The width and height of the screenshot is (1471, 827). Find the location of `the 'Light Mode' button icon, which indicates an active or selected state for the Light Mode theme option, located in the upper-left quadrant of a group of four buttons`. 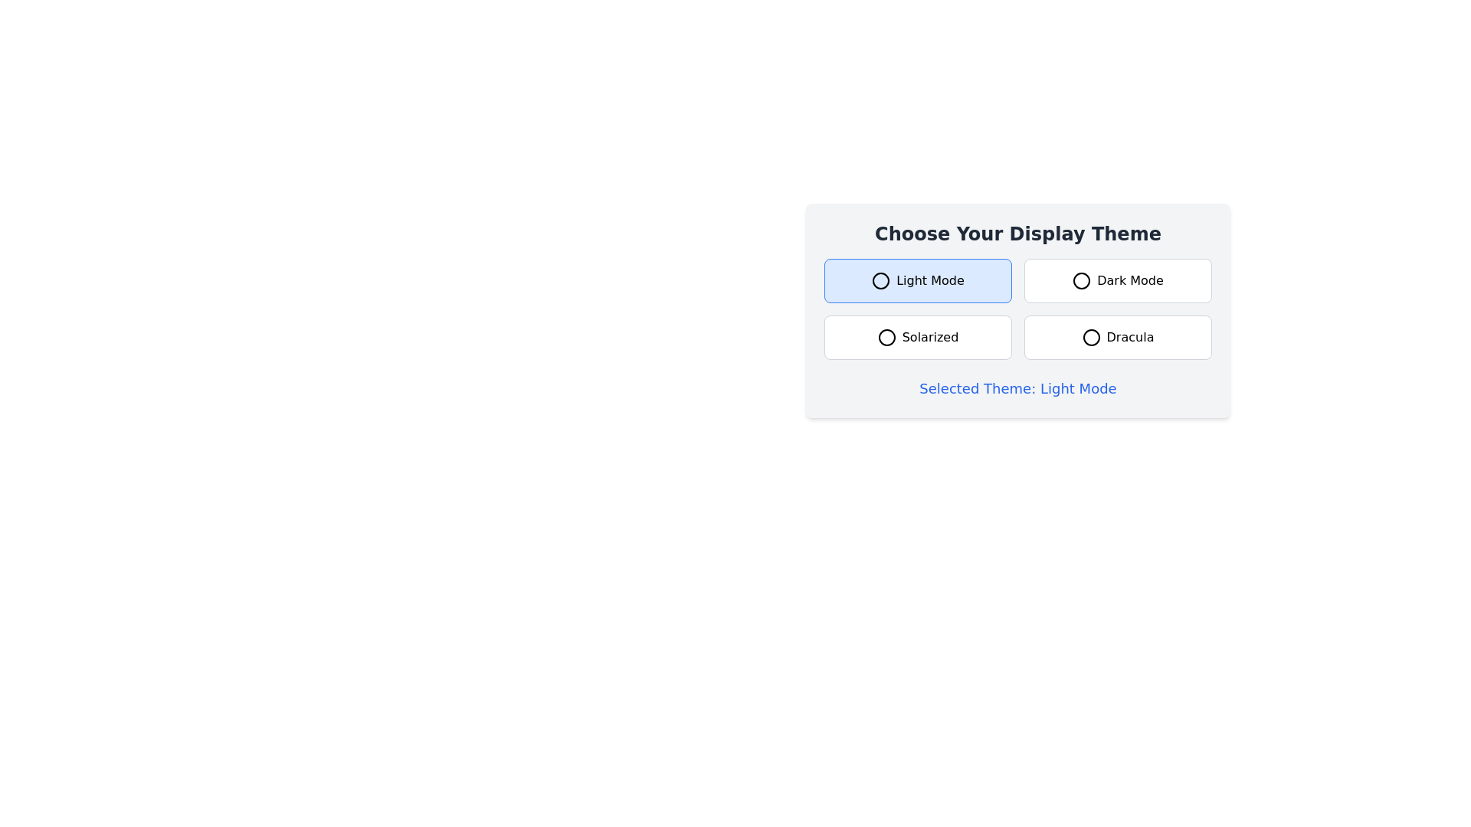

the 'Light Mode' button icon, which indicates an active or selected state for the Light Mode theme option, located in the upper-left quadrant of a group of four buttons is located at coordinates (881, 280).